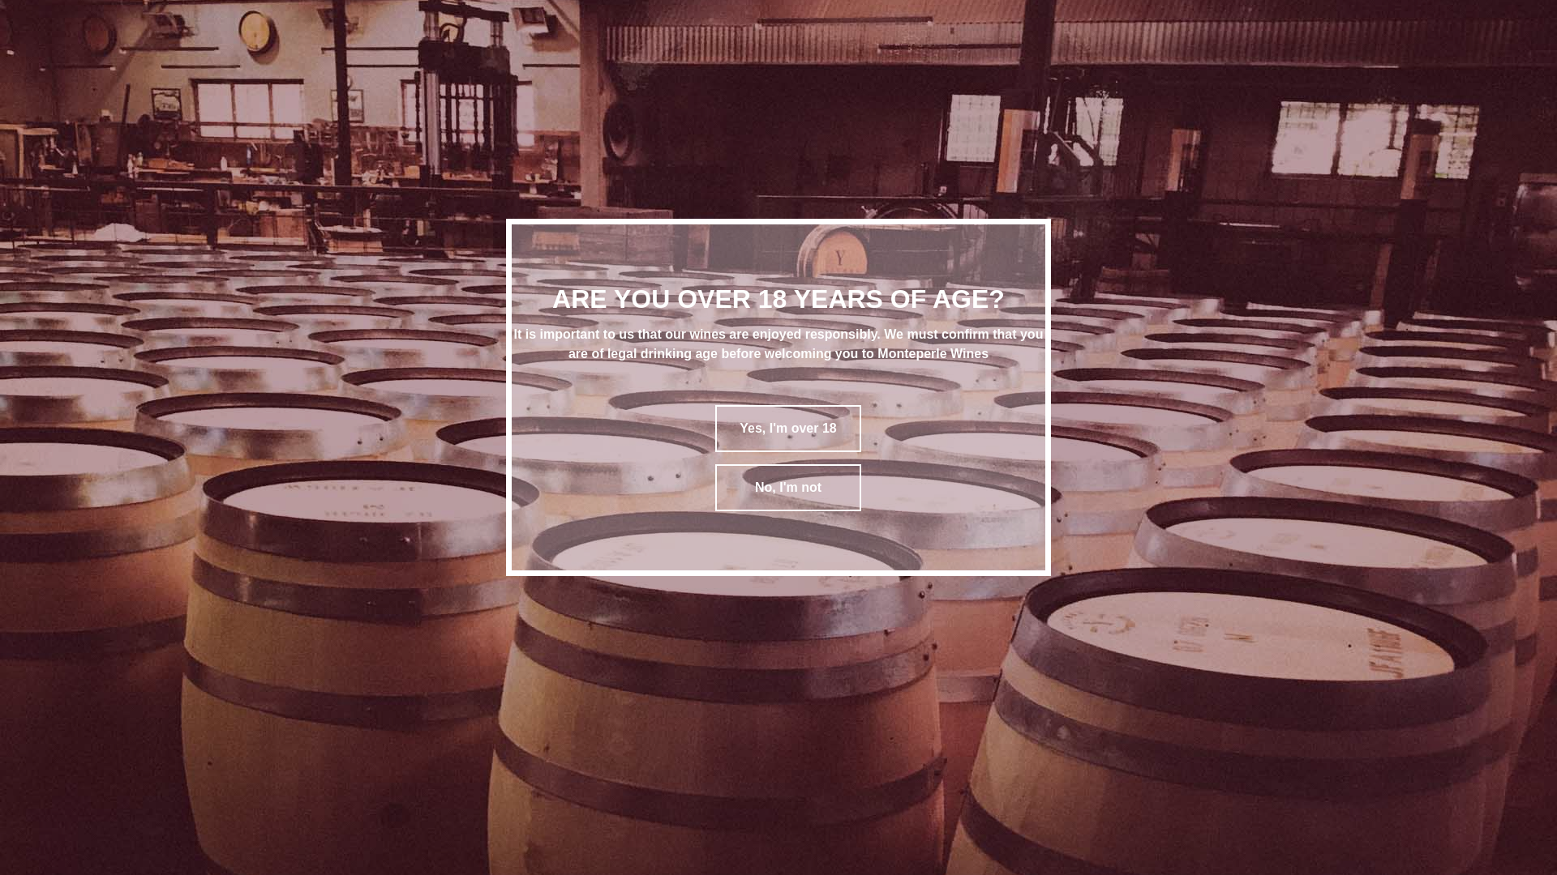  What do you see at coordinates (787, 486) in the screenshot?
I see `'No, I'm not'` at bounding box center [787, 486].